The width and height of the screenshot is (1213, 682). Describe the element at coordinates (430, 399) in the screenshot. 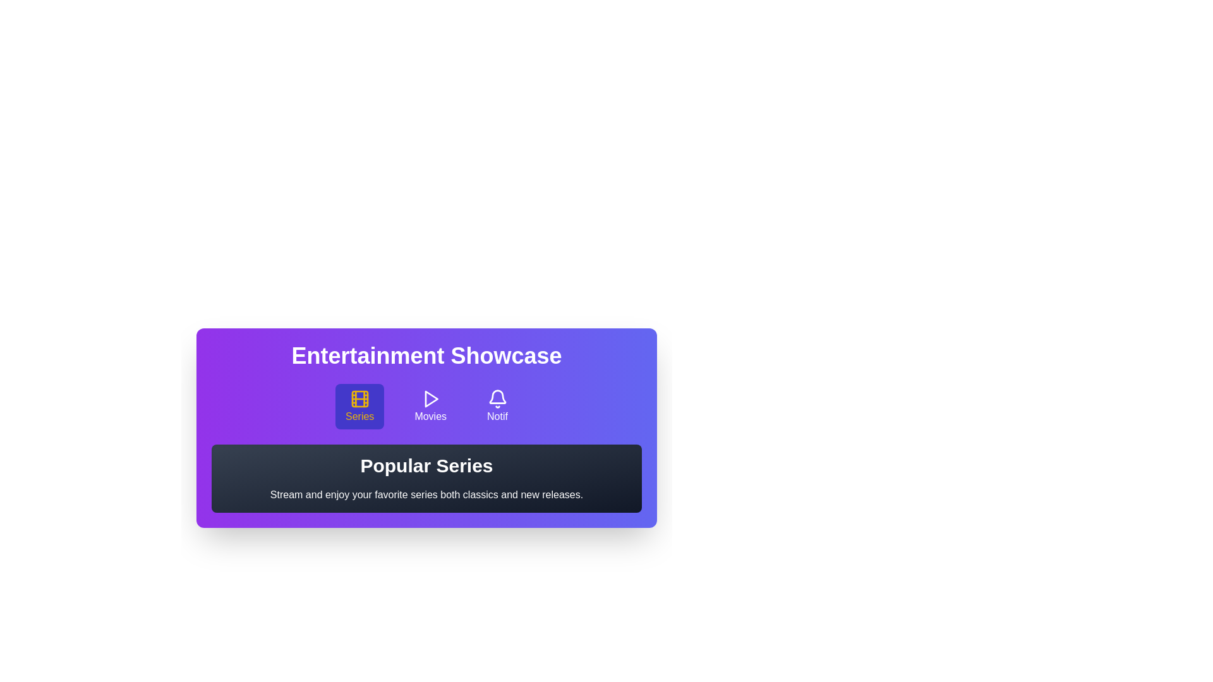

I see `the 'Movies' icon in the navigation bar, which represents video playback or movie-related content` at that location.